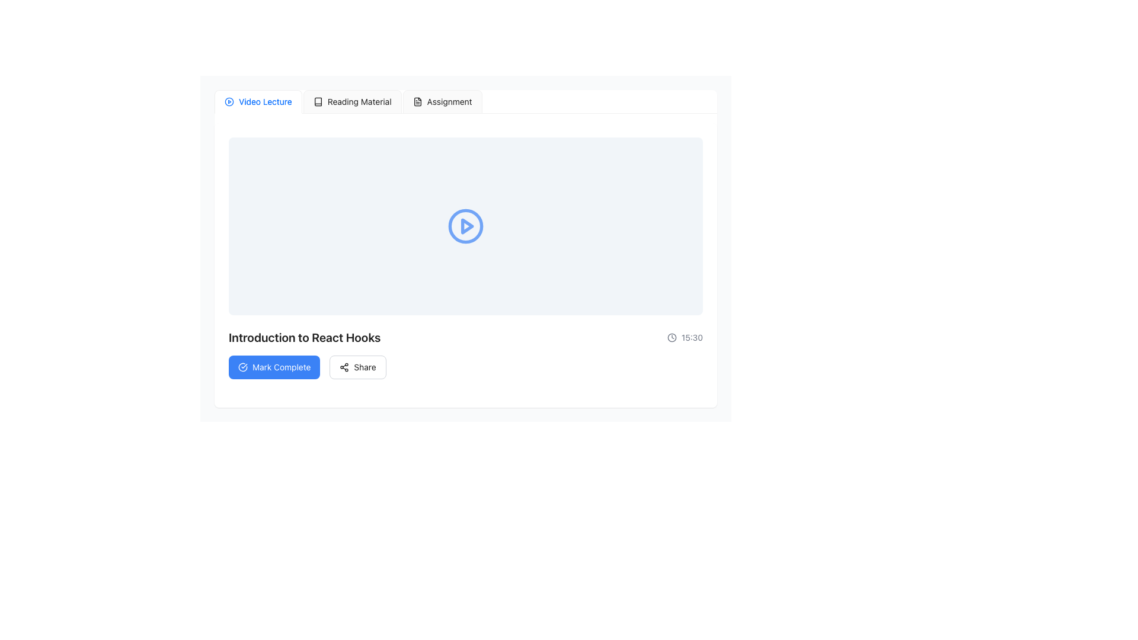 Image resolution: width=1138 pixels, height=640 pixels. Describe the element at coordinates (357, 367) in the screenshot. I see `the 'Share' button, which is a rectangular button with a light gray border and rounded corners, located at the bottom of the content section, to share the content` at that location.